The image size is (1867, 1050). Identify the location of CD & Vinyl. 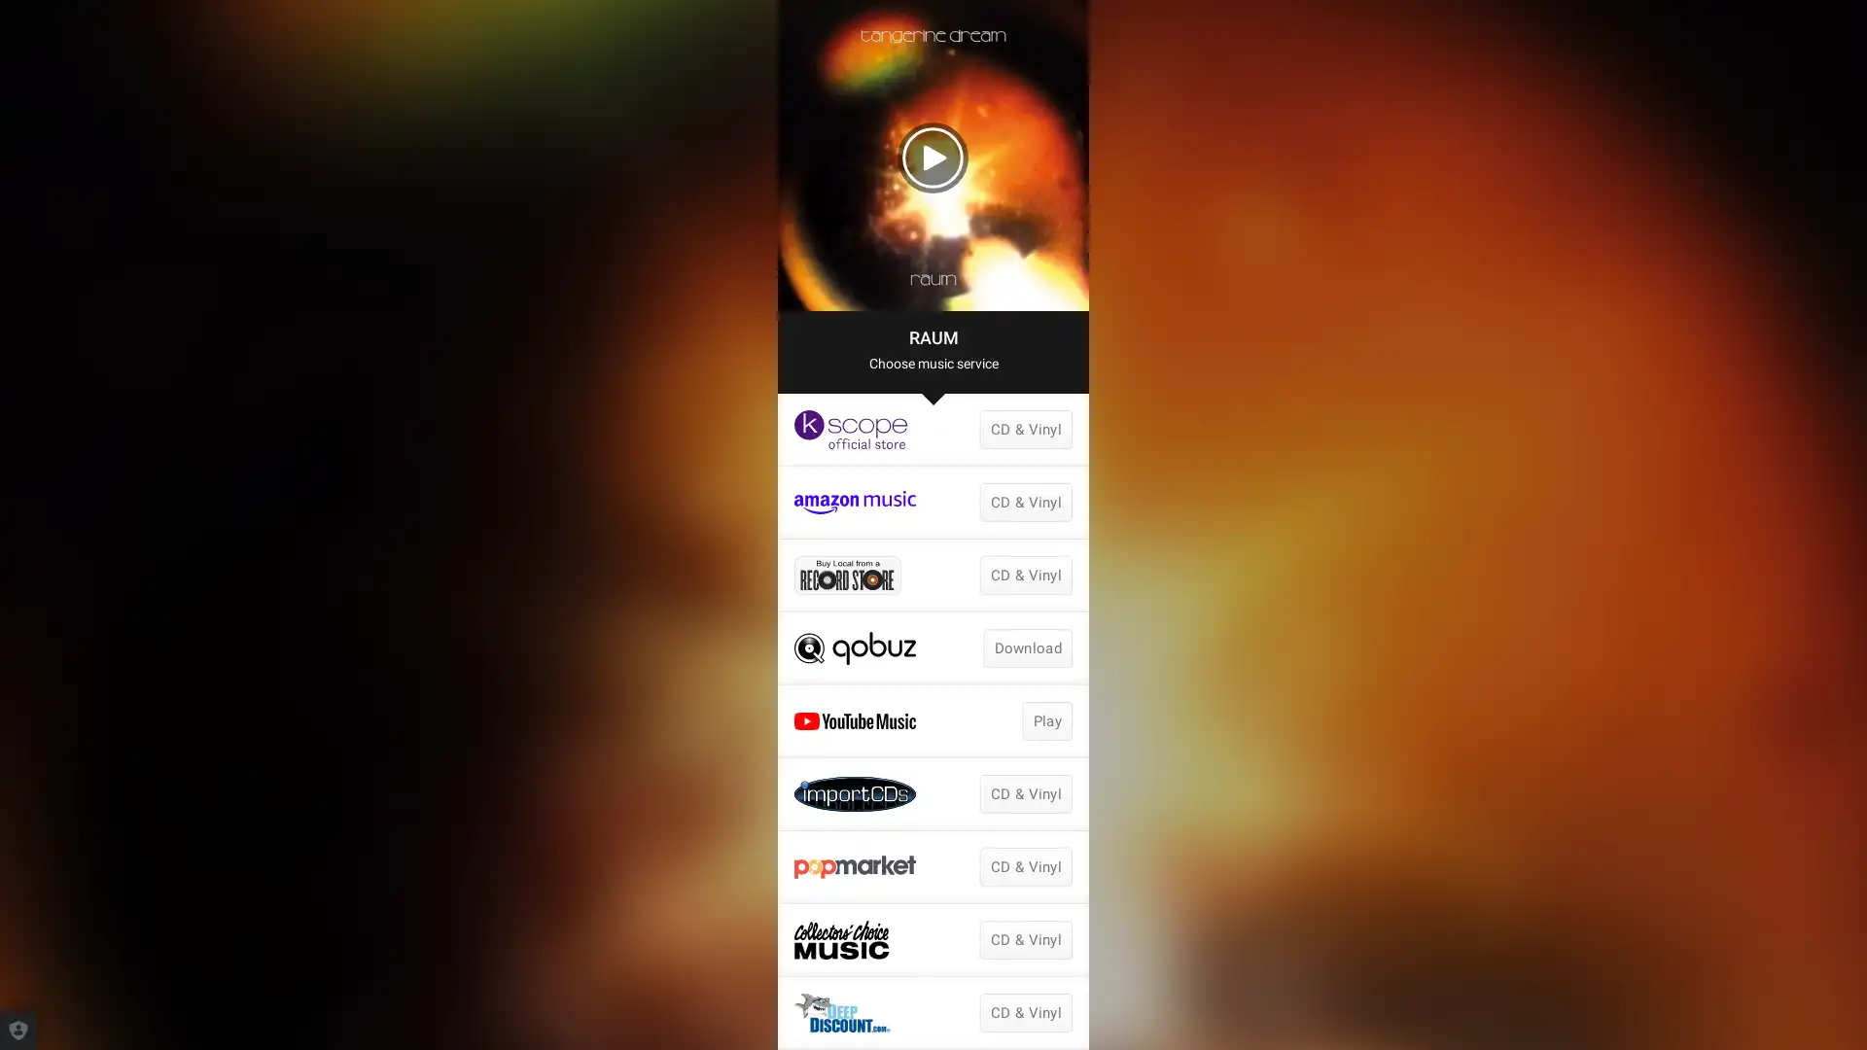
(1025, 429).